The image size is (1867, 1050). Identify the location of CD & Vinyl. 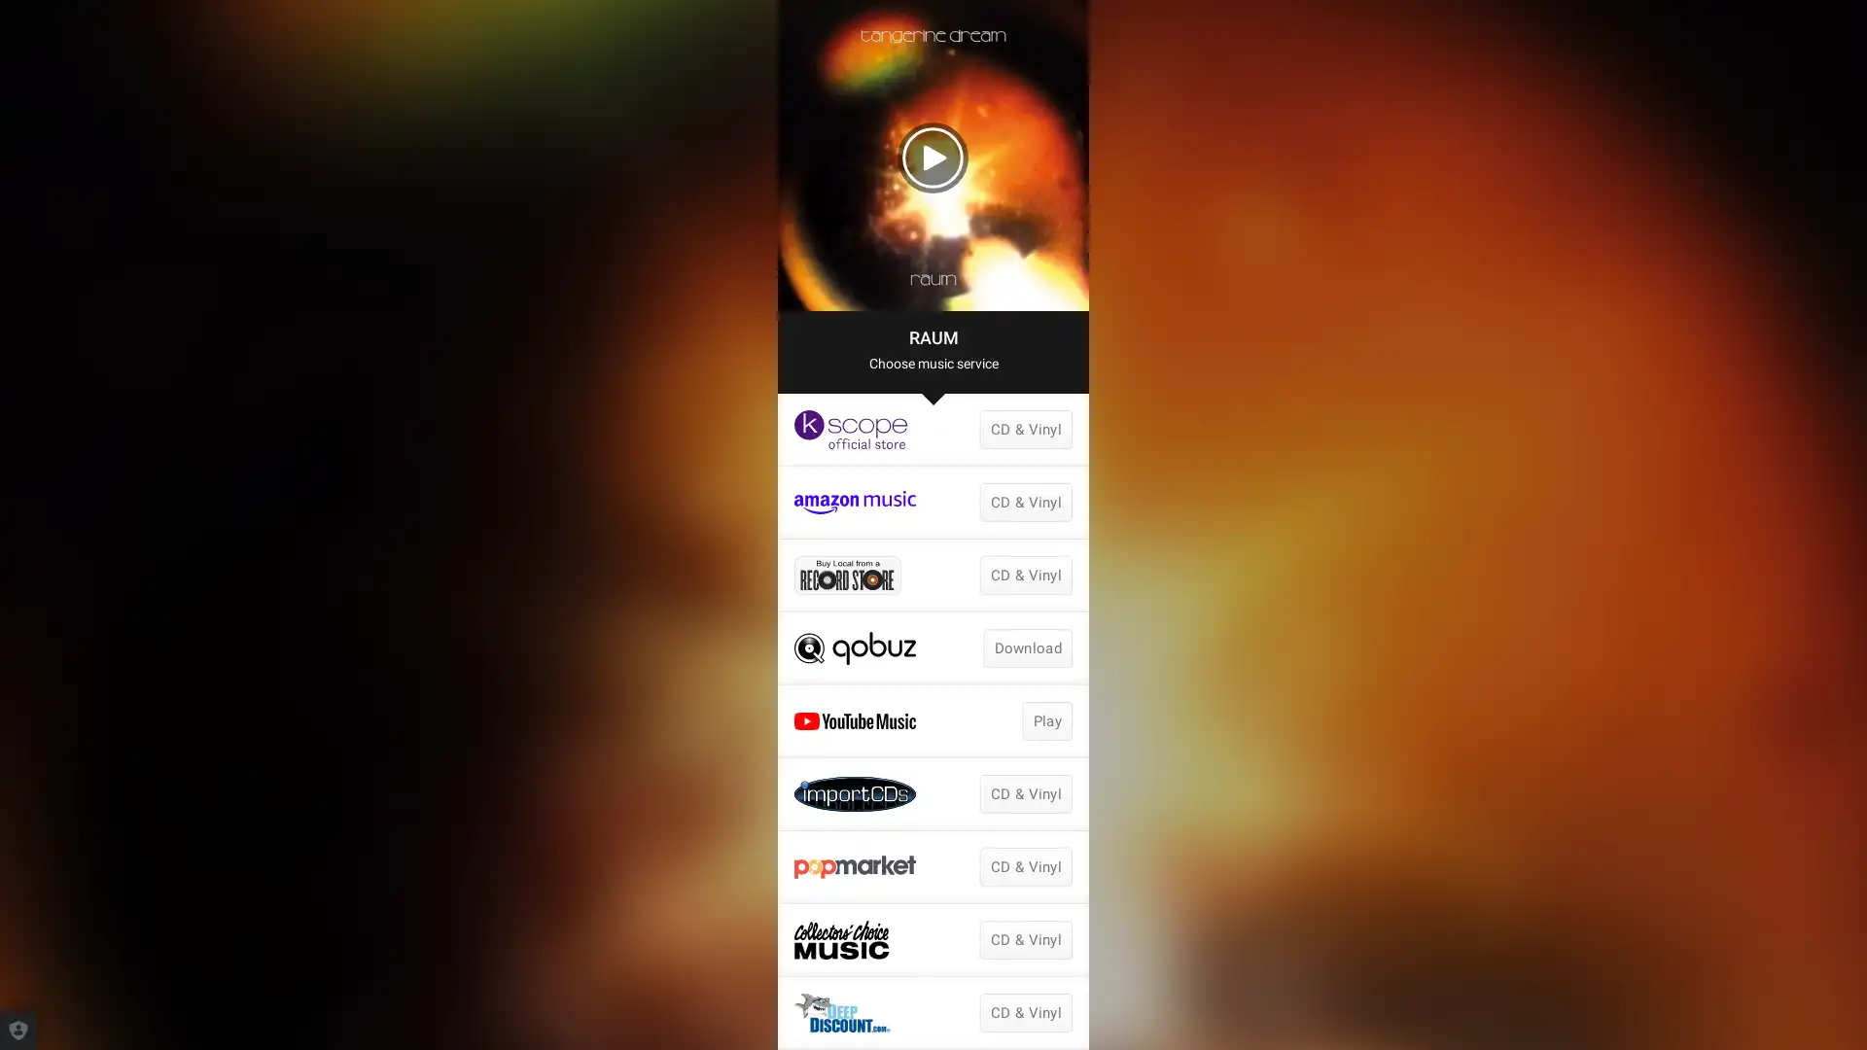
(1025, 429).